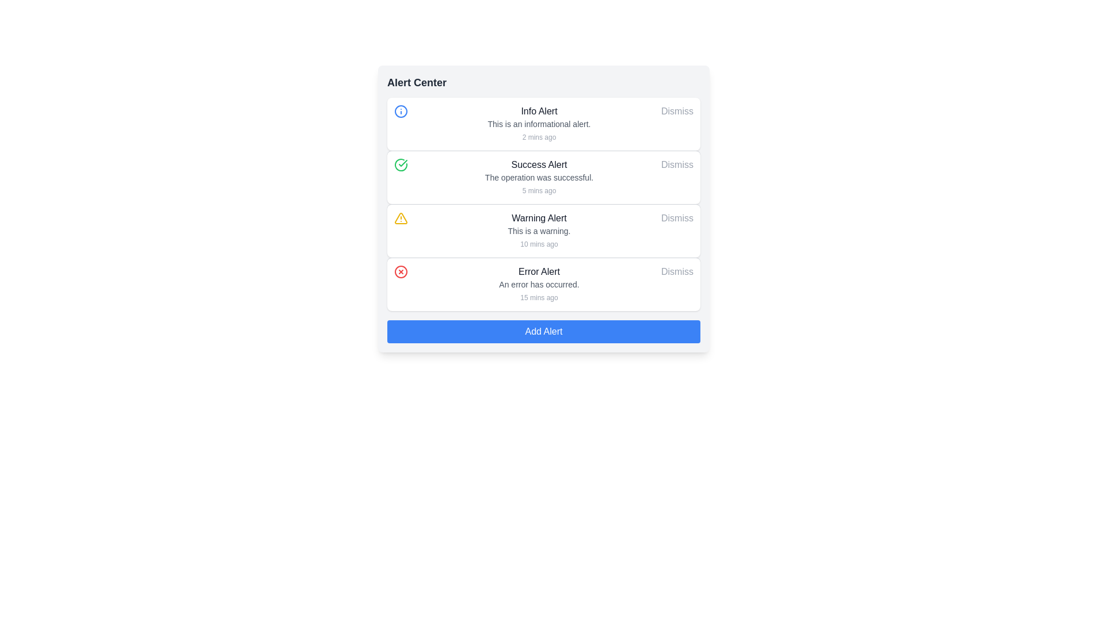 The height and width of the screenshot is (621, 1105). Describe the element at coordinates (543, 209) in the screenshot. I see `the 'Warning Alert' section in the alerts list` at that location.